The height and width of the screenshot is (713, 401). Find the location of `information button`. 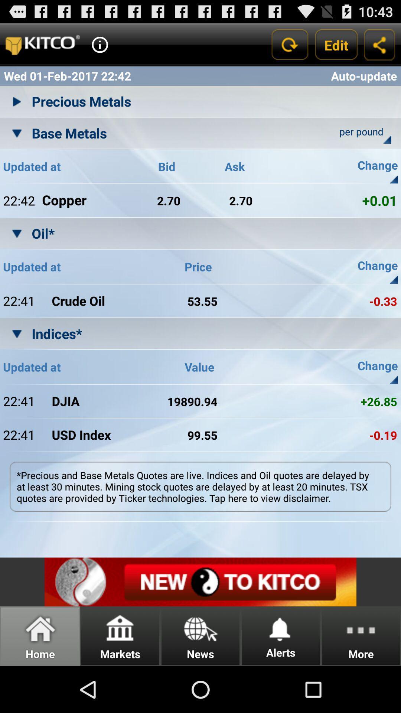

information button is located at coordinates (100, 44).